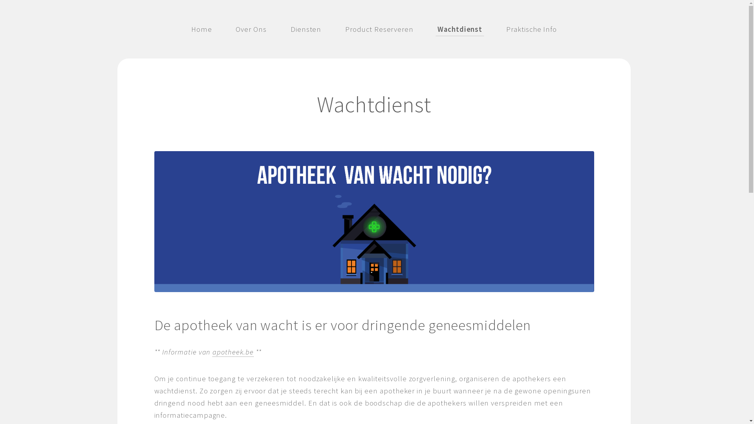  Describe the element at coordinates (232, 352) in the screenshot. I see `'apotheek.be'` at that location.